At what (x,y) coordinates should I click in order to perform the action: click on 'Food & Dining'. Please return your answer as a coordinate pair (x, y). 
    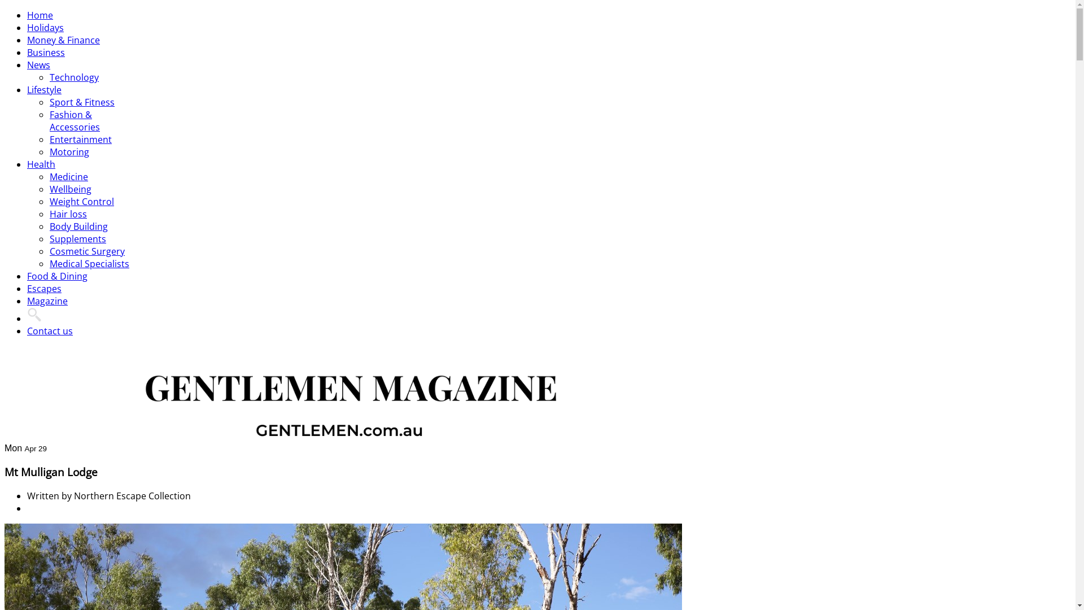
    Looking at the image, I should click on (27, 276).